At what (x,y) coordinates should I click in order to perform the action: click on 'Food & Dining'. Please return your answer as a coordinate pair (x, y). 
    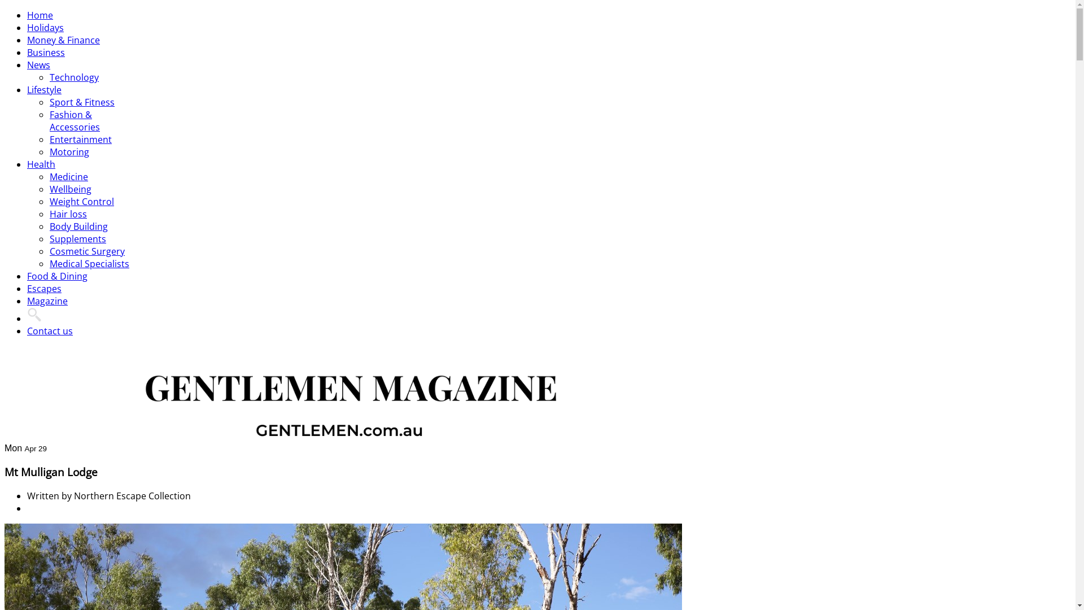
    Looking at the image, I should click on (27, 276).